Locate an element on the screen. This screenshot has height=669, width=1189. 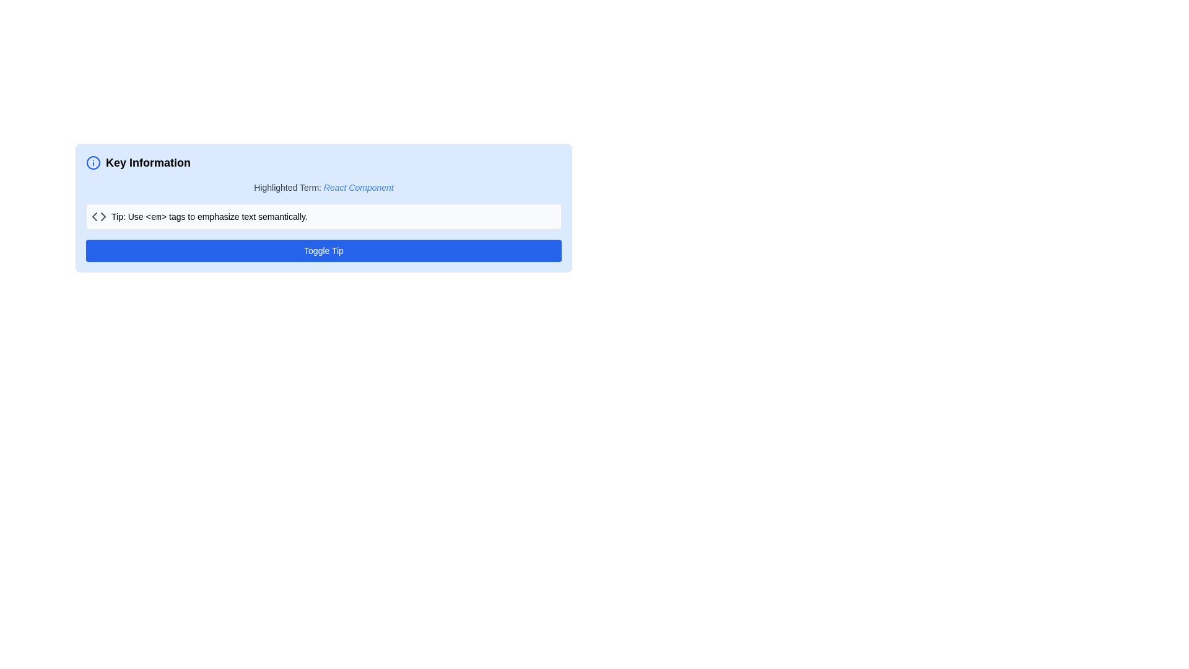
the circular blue outlined information icon located in the top-left corner of the 'Key Information' section, preceding the section title 'Key Information' is located at coordinates (92, 162).